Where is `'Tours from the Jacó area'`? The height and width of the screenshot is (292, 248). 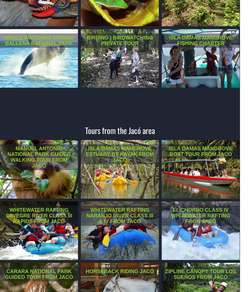
'Tours from the Jacó area' is located at coordinates (85, 130).